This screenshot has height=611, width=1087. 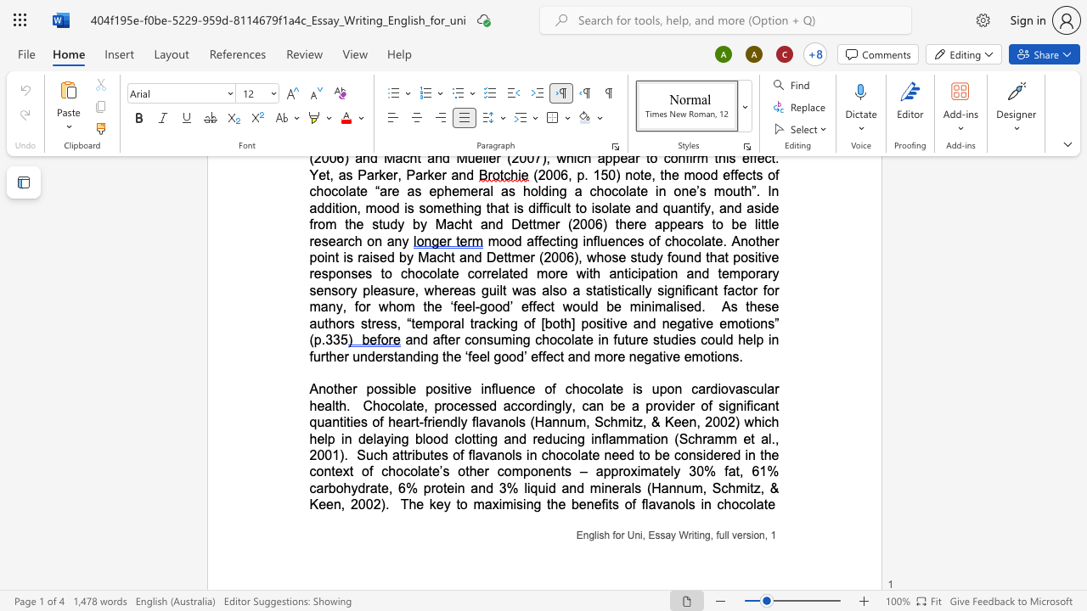 I want to click on the space between the continuous character "q" and "u" in the text, so click(x=537, y=488).